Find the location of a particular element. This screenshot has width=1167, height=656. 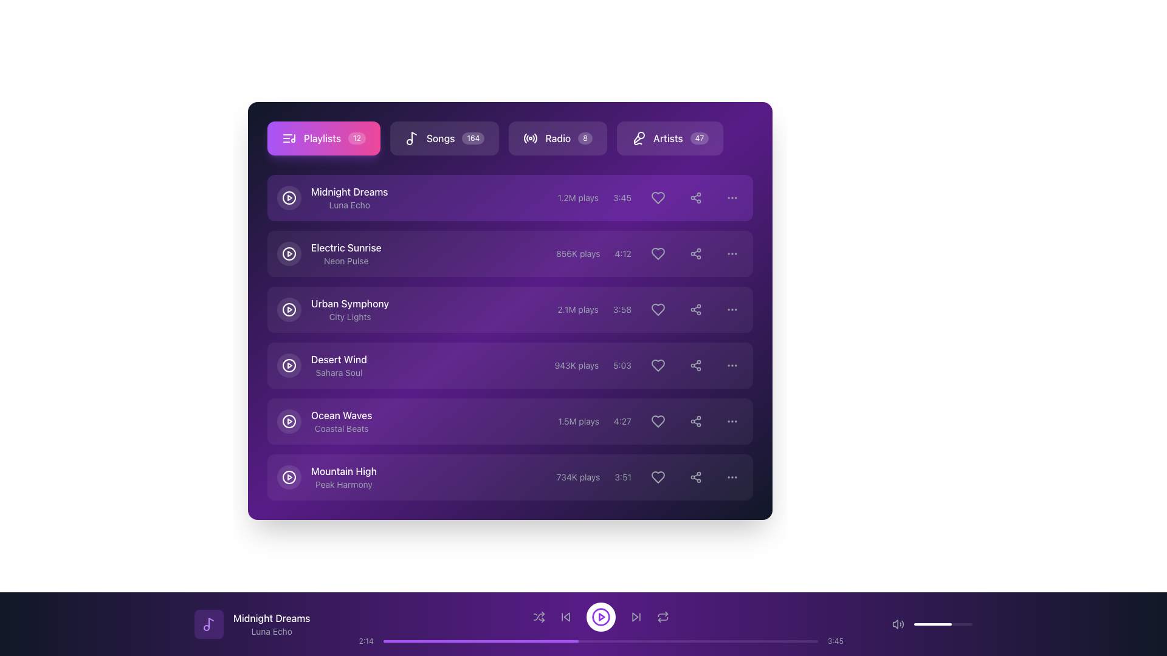

the heart shape icon located at the rightmost side of the song entry row titled 'Ocean Waves' is located at coordinates (658, 421).